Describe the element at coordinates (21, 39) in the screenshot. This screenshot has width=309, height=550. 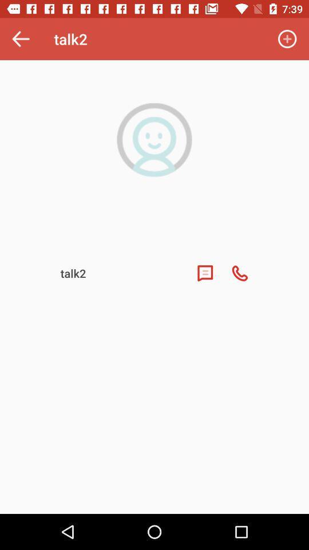
I see `the icon next to talk2 icon` at that location.